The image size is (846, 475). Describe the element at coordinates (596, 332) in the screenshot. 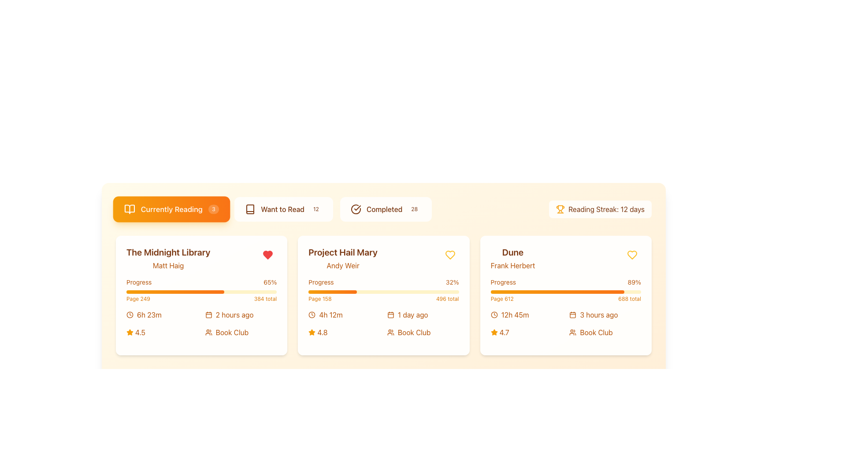

I see `the 'Book Club' text label, which is styled in amber color and` at that location.